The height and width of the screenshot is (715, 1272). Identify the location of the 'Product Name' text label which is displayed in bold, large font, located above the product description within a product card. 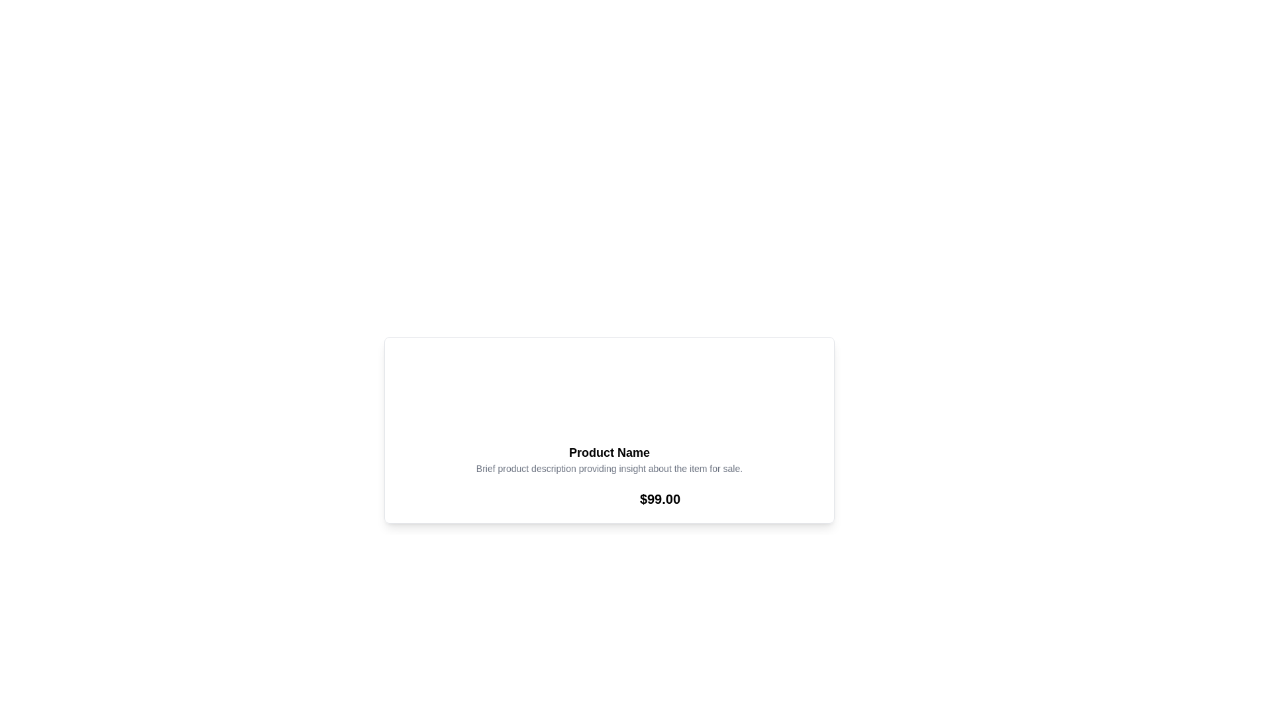
(609, 452).